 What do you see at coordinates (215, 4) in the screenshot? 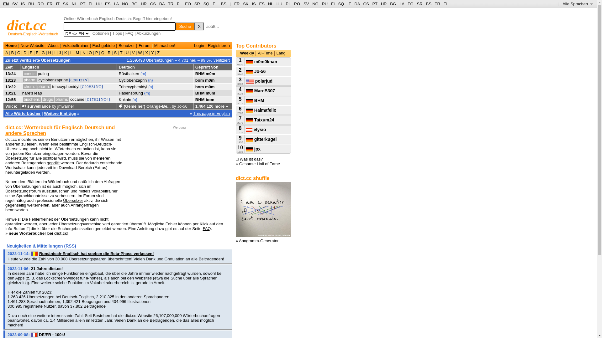
I see `'EL'` at bounding box center [215, 4].